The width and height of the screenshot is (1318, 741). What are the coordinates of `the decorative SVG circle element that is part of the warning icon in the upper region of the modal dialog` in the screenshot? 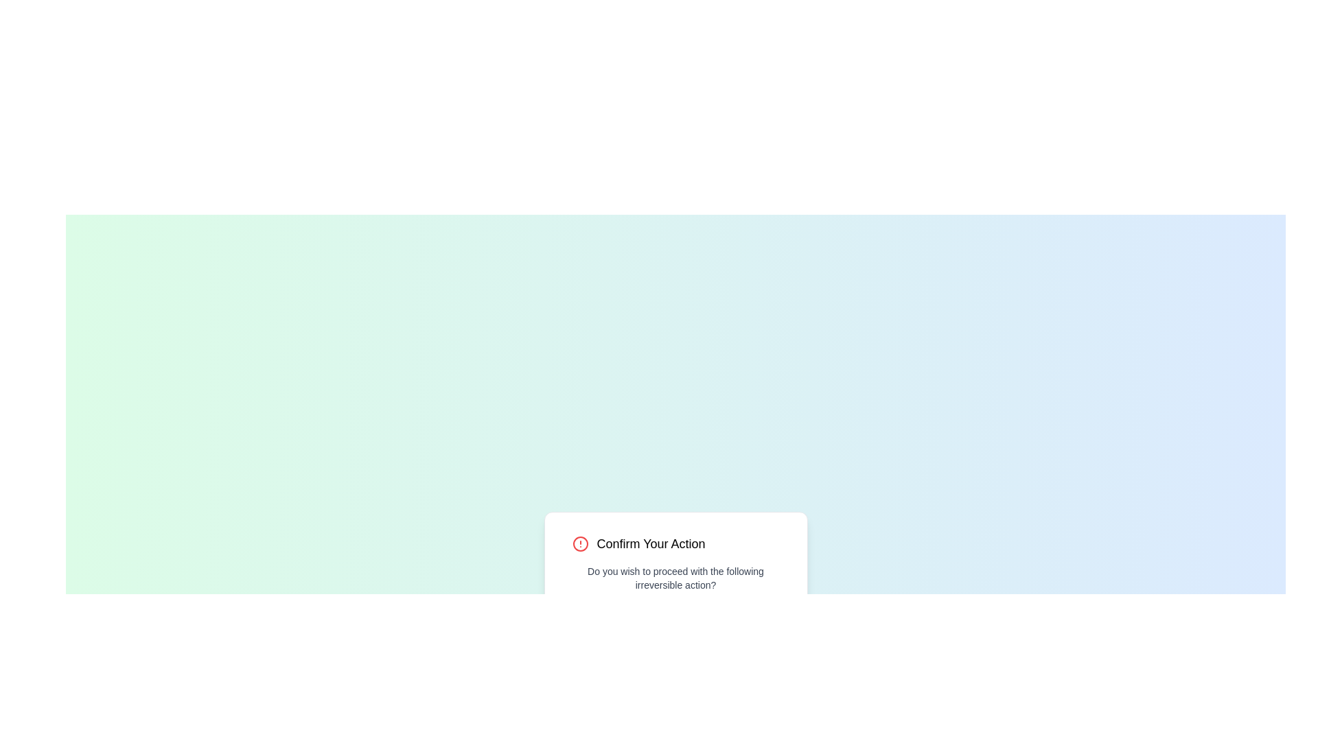 It's located at (580, 543).